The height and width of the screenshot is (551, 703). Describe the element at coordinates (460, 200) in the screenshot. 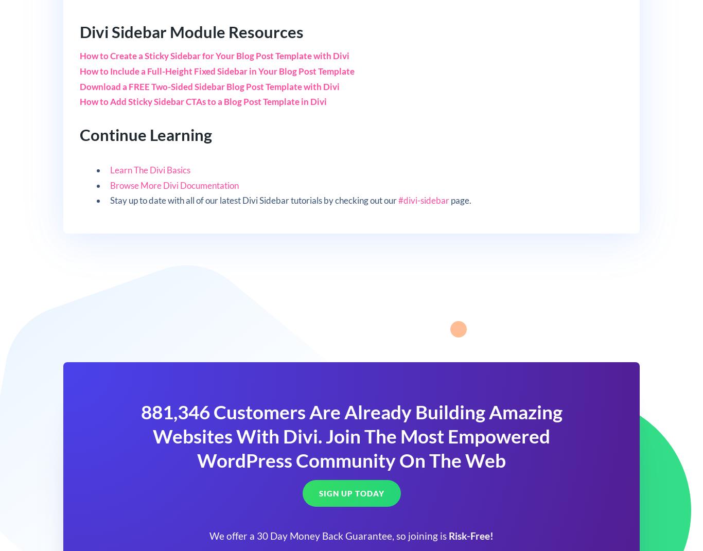

I see `'page.'` at that location.